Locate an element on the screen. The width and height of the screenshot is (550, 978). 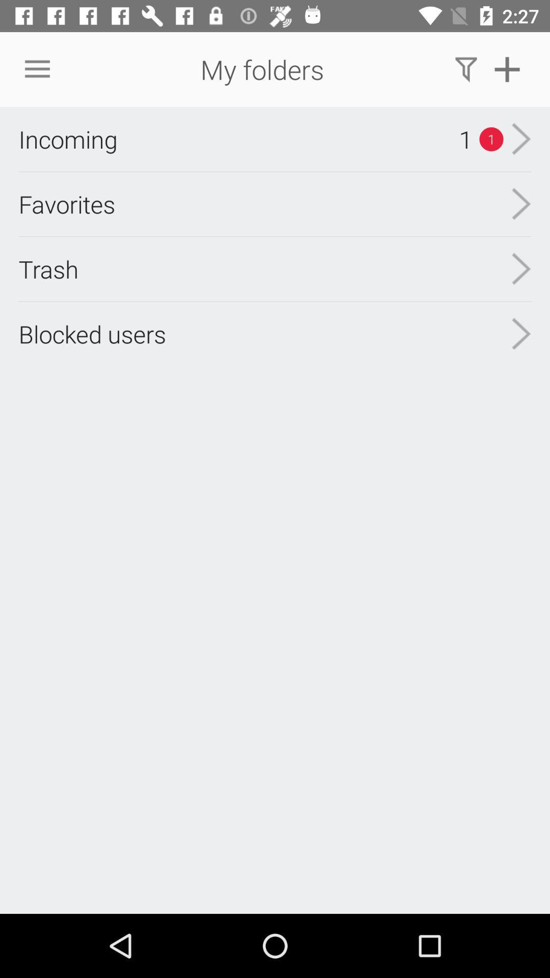
the item to the left of the my folders item is located at coordinates (37, 69).